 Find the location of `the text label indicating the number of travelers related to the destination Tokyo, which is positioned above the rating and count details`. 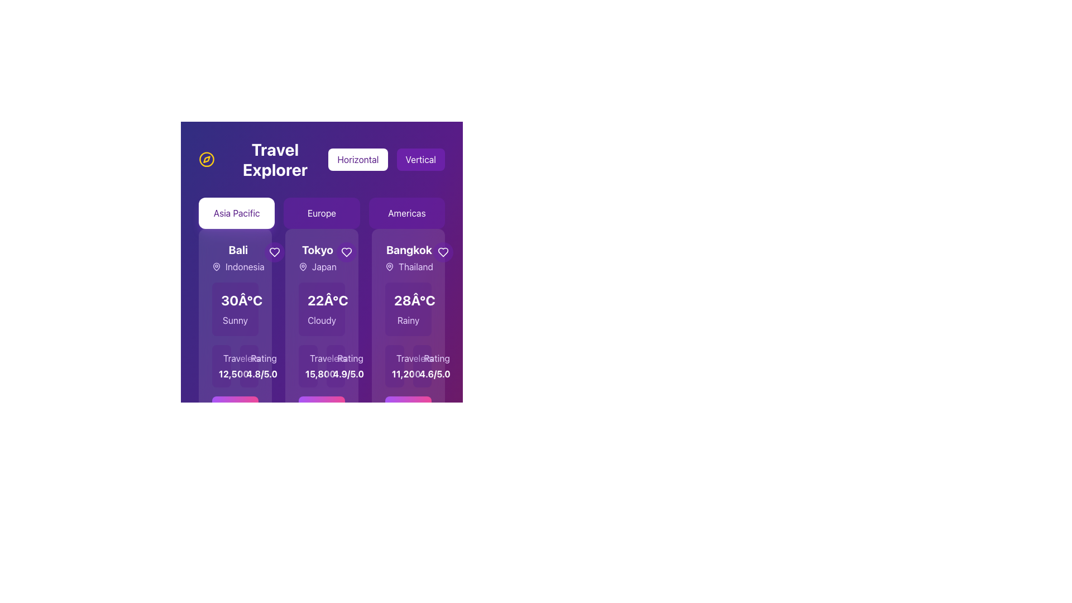

the text label indicating the number of travelers related to the destination Tokyo, which is positioned above the rating and count details is located at coordinates (327, 358).